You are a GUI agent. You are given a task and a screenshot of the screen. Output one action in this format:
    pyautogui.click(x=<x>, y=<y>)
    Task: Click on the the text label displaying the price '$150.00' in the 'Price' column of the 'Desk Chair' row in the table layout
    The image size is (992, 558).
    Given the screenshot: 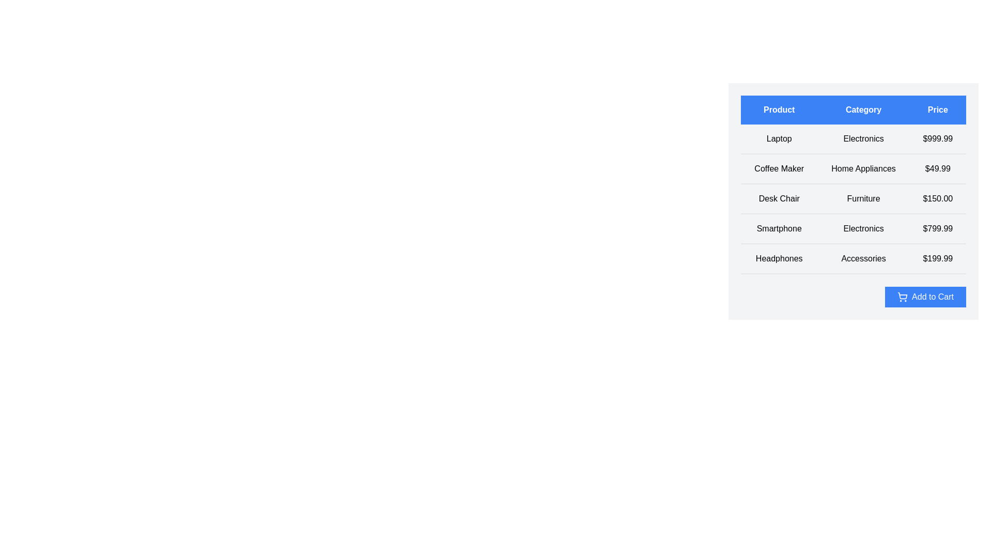 What is the action you would take?
    pyautogui.click(x=938, y=199)
    